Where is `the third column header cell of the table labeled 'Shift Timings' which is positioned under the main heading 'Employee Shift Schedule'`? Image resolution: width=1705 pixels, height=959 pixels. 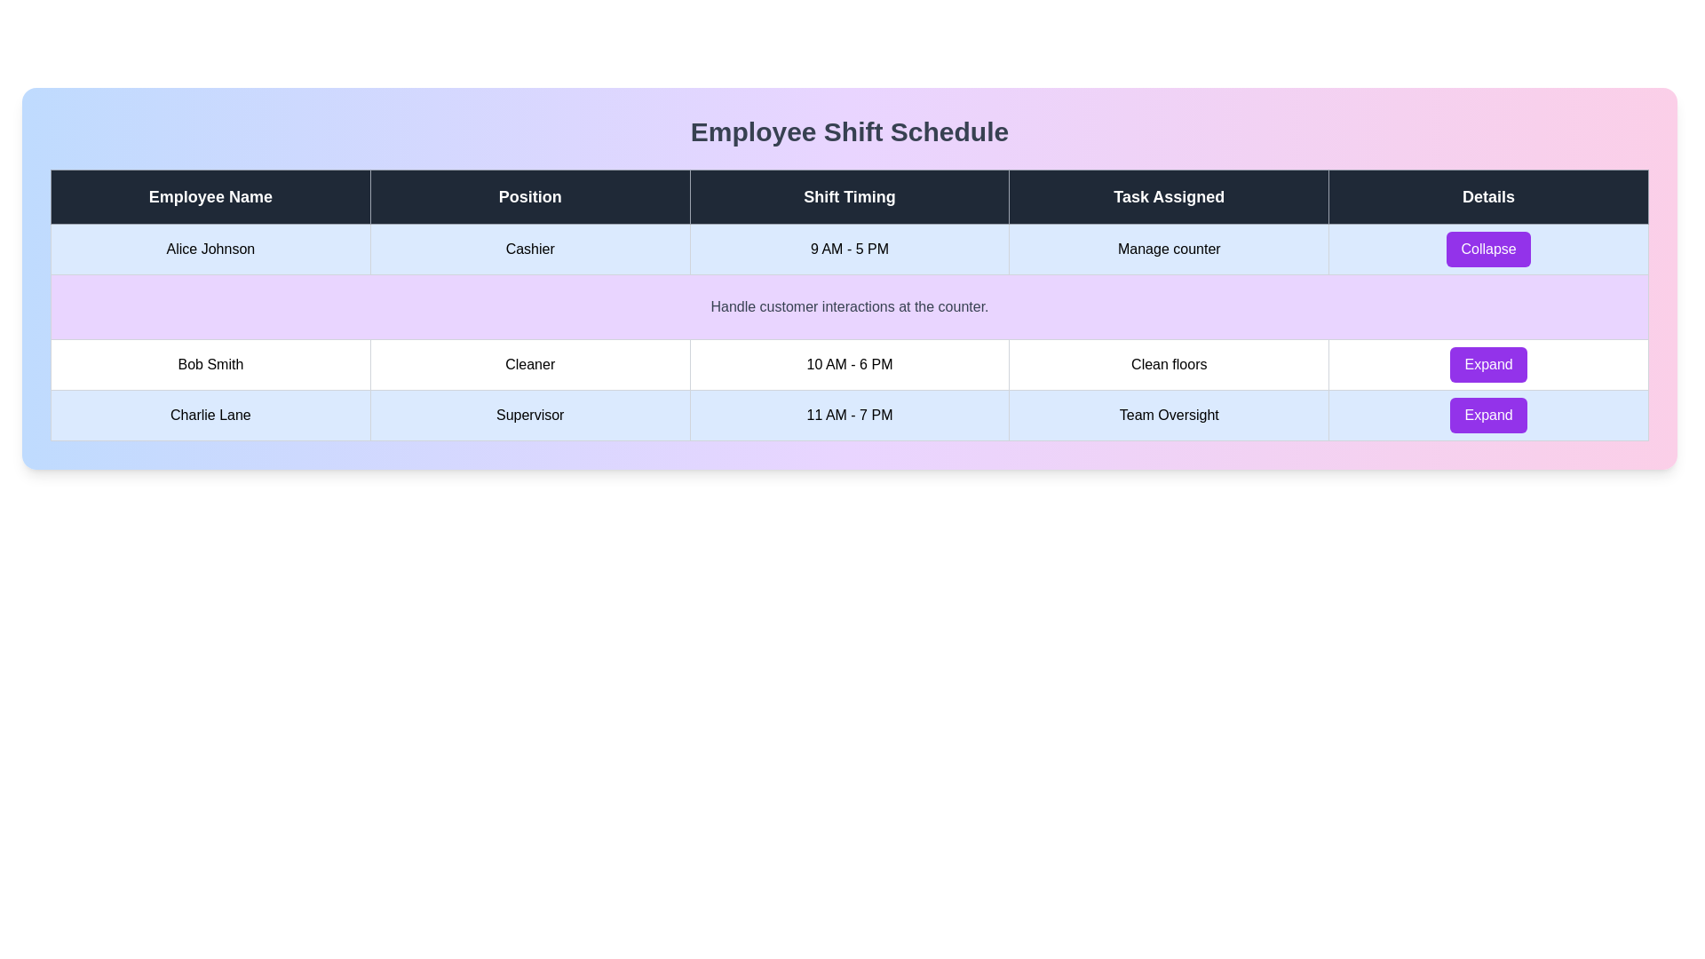 the third column header cell of the table labeled 'Shift Timings' which is positioned under the main heading 'Employee Shift Schedule' is located at coordinates (848, 197).